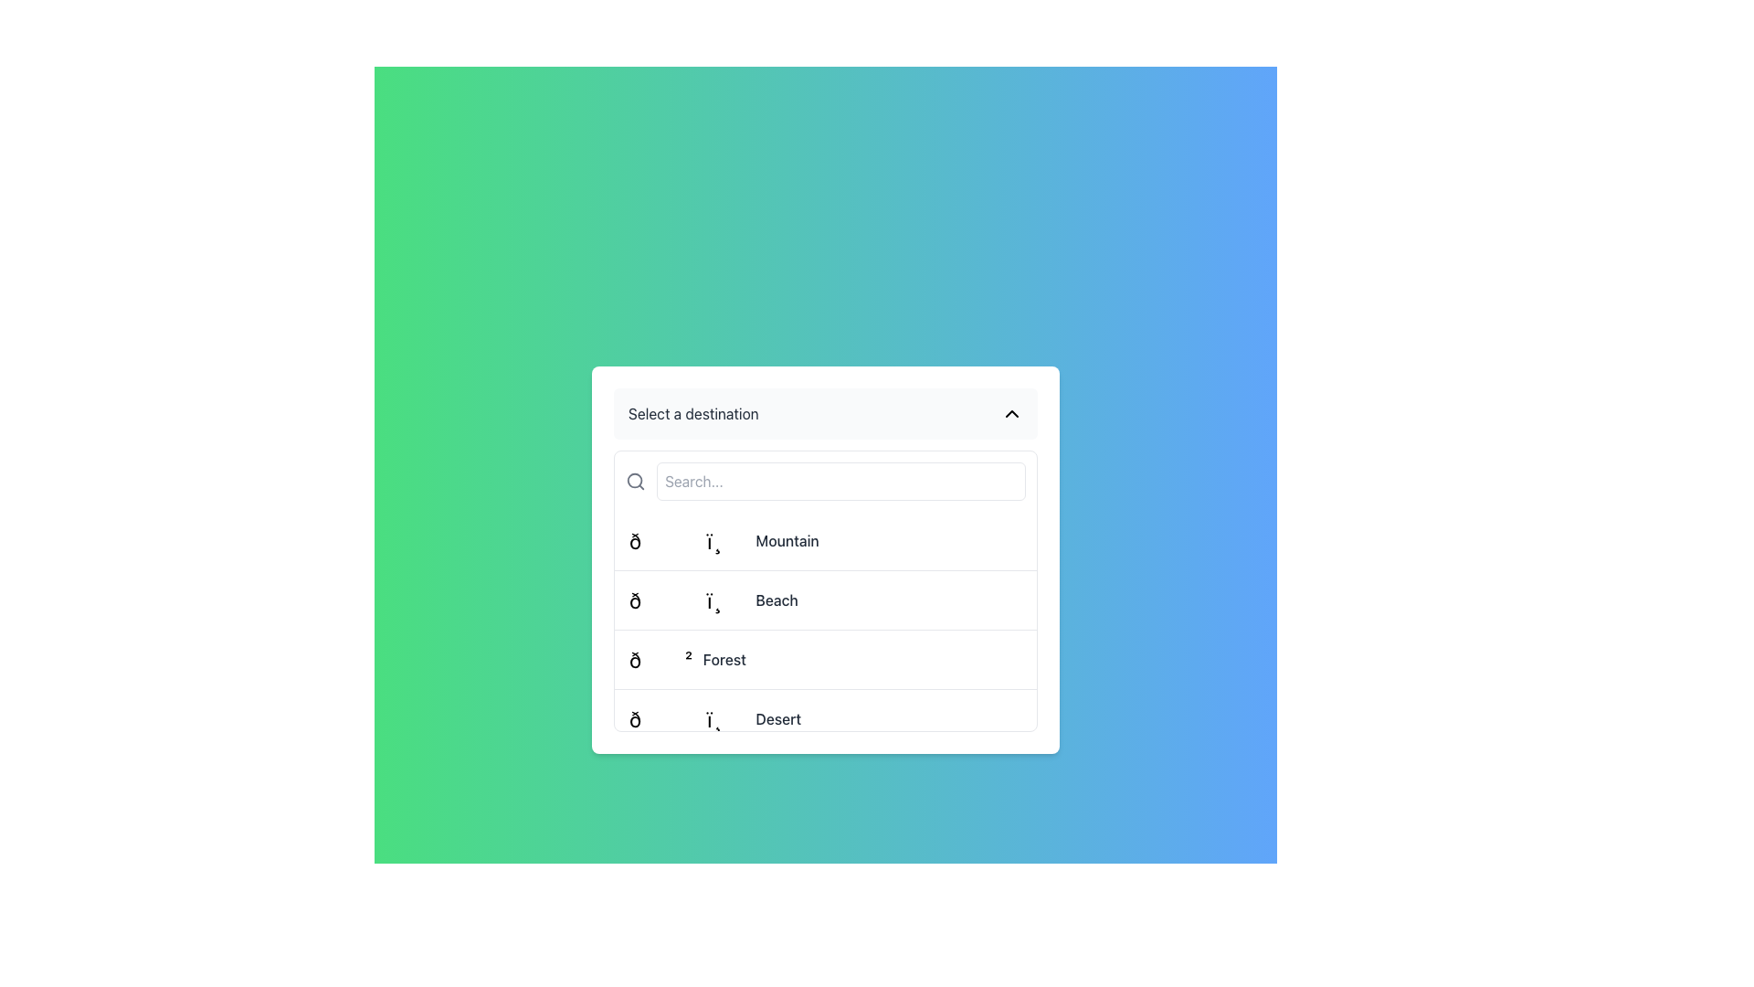  I want to click on the second list item labeled 'Beach', so click(824, 620).